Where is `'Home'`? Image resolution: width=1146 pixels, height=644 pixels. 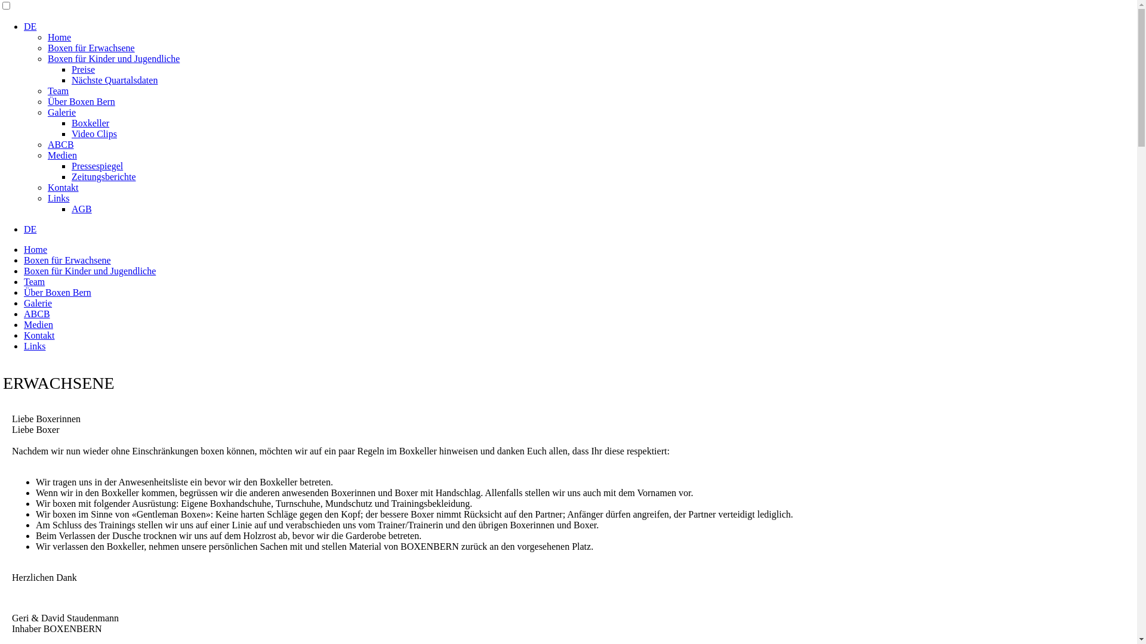
'Home' is located at coordinates (58, 36).